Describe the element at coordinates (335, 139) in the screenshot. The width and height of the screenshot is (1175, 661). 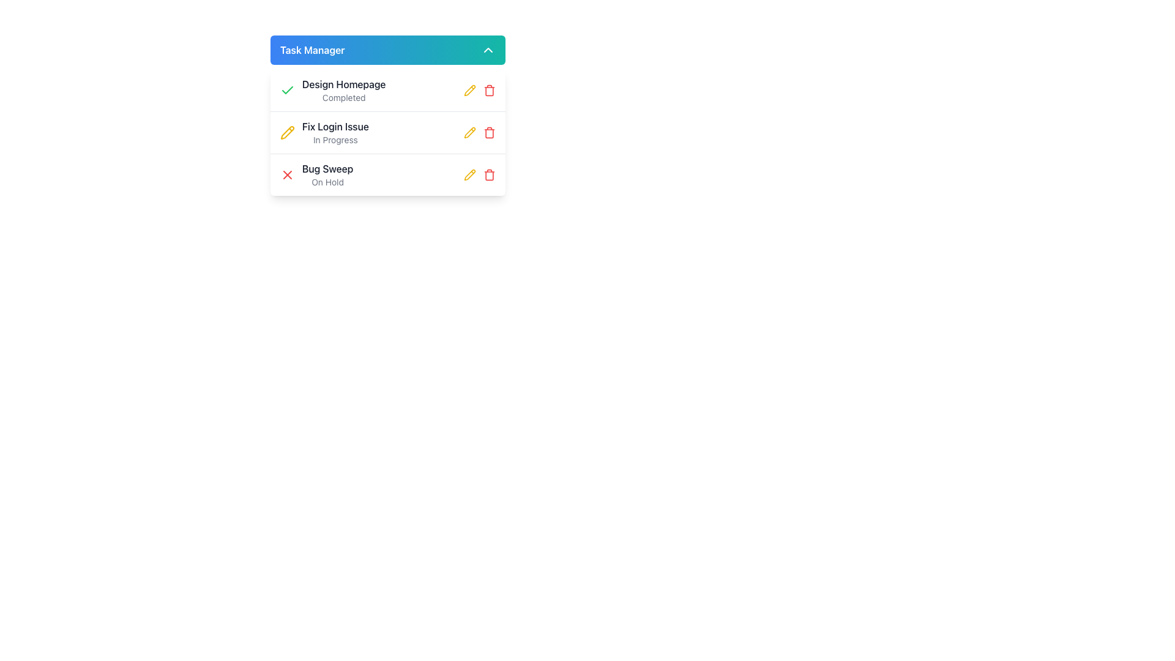
I see `the 'In Progress' label element, which is a small gray text status indicator located below the task 'Fix Login Issue' in the task management interface` at that location.